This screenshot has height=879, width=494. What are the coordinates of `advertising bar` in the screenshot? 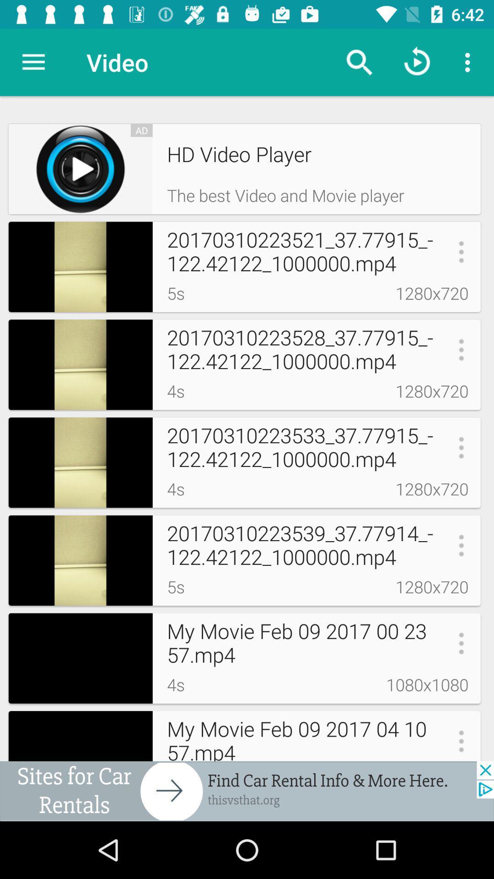 It's located at (247, 791).